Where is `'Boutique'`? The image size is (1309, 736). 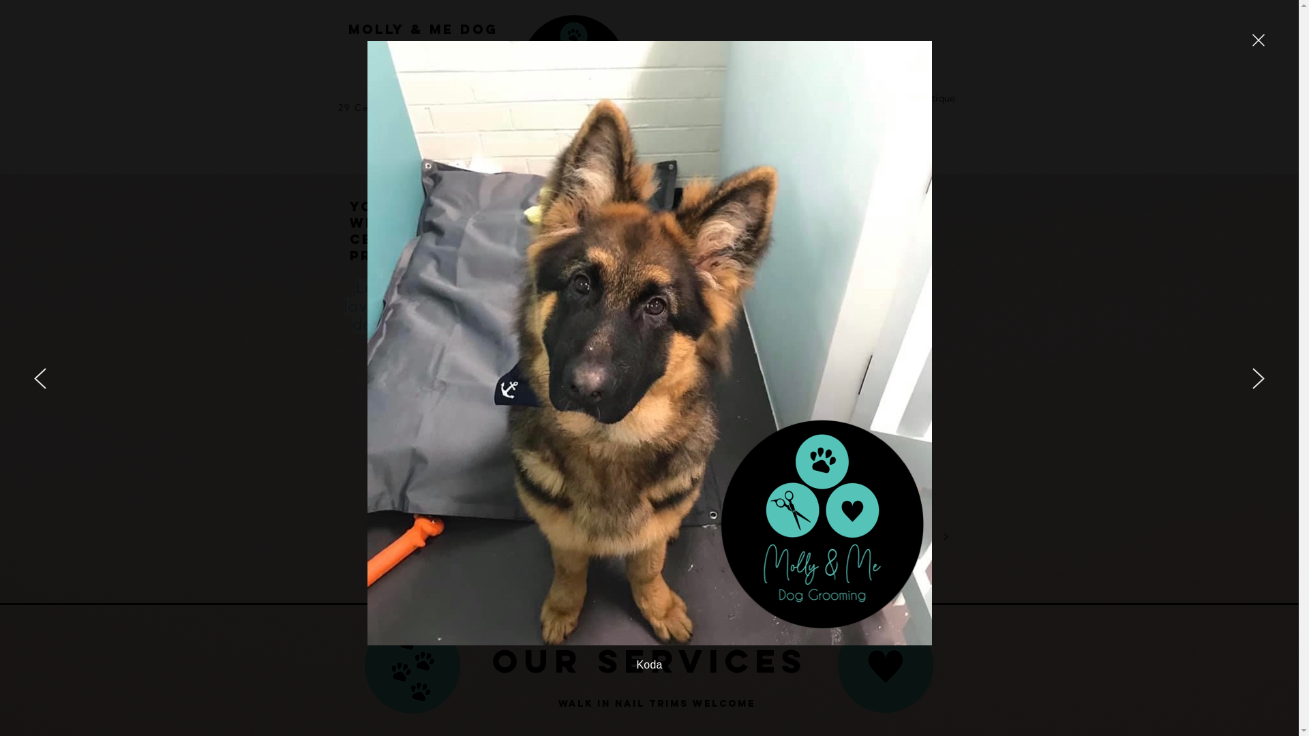 'Boutique' is located at coordinates (903, 97).